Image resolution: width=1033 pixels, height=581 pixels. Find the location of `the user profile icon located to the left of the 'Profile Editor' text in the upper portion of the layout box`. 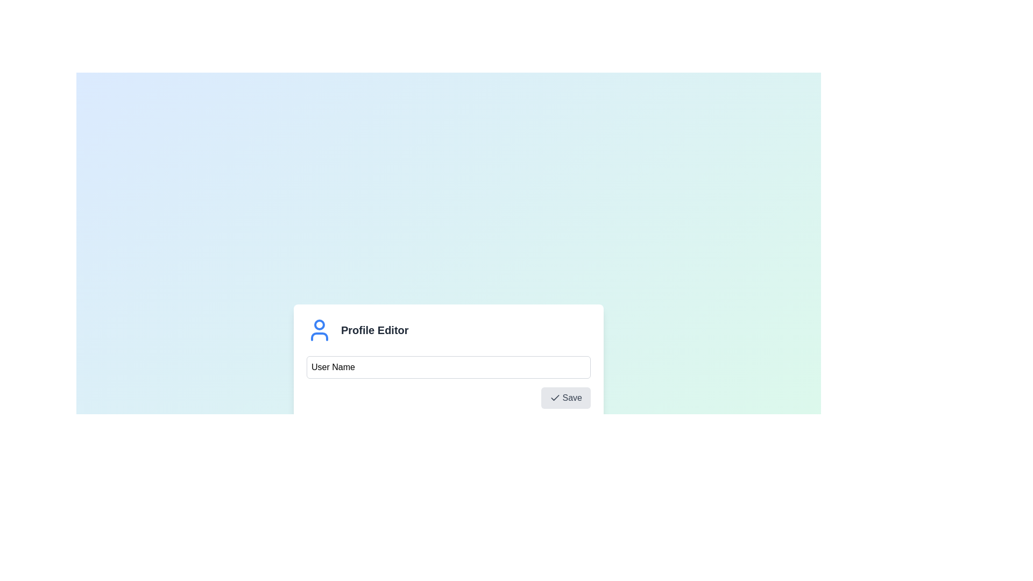

the user profile icon located to the left of the 'Profile Editor' text in the upper portion of the layout box is located at coordinates (319, 329).